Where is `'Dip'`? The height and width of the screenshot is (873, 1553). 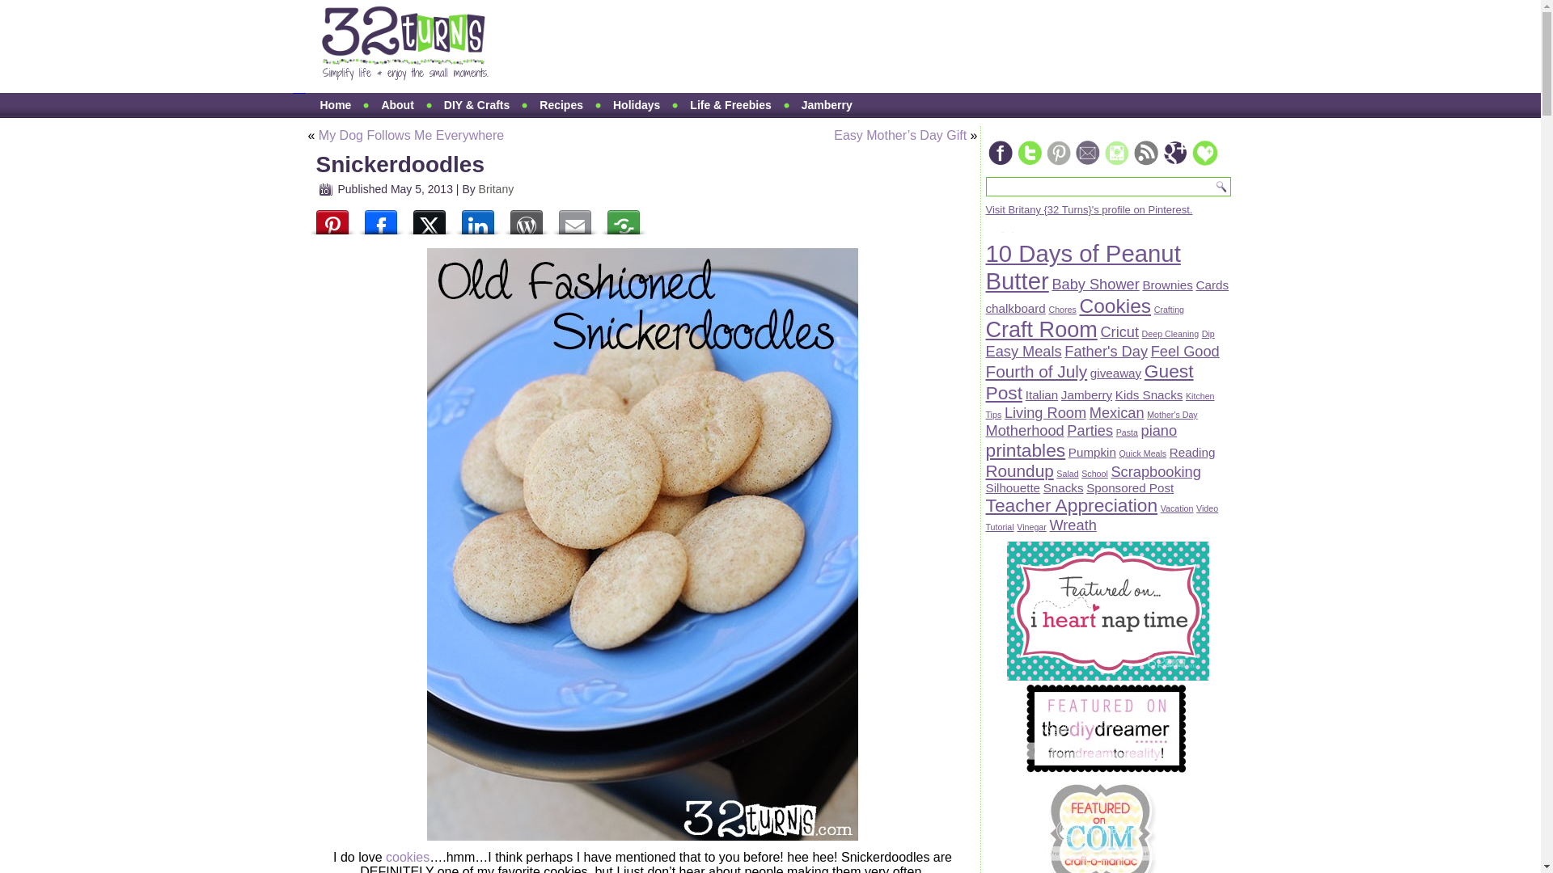
'Dip' is located at coordinates (1208, 332).